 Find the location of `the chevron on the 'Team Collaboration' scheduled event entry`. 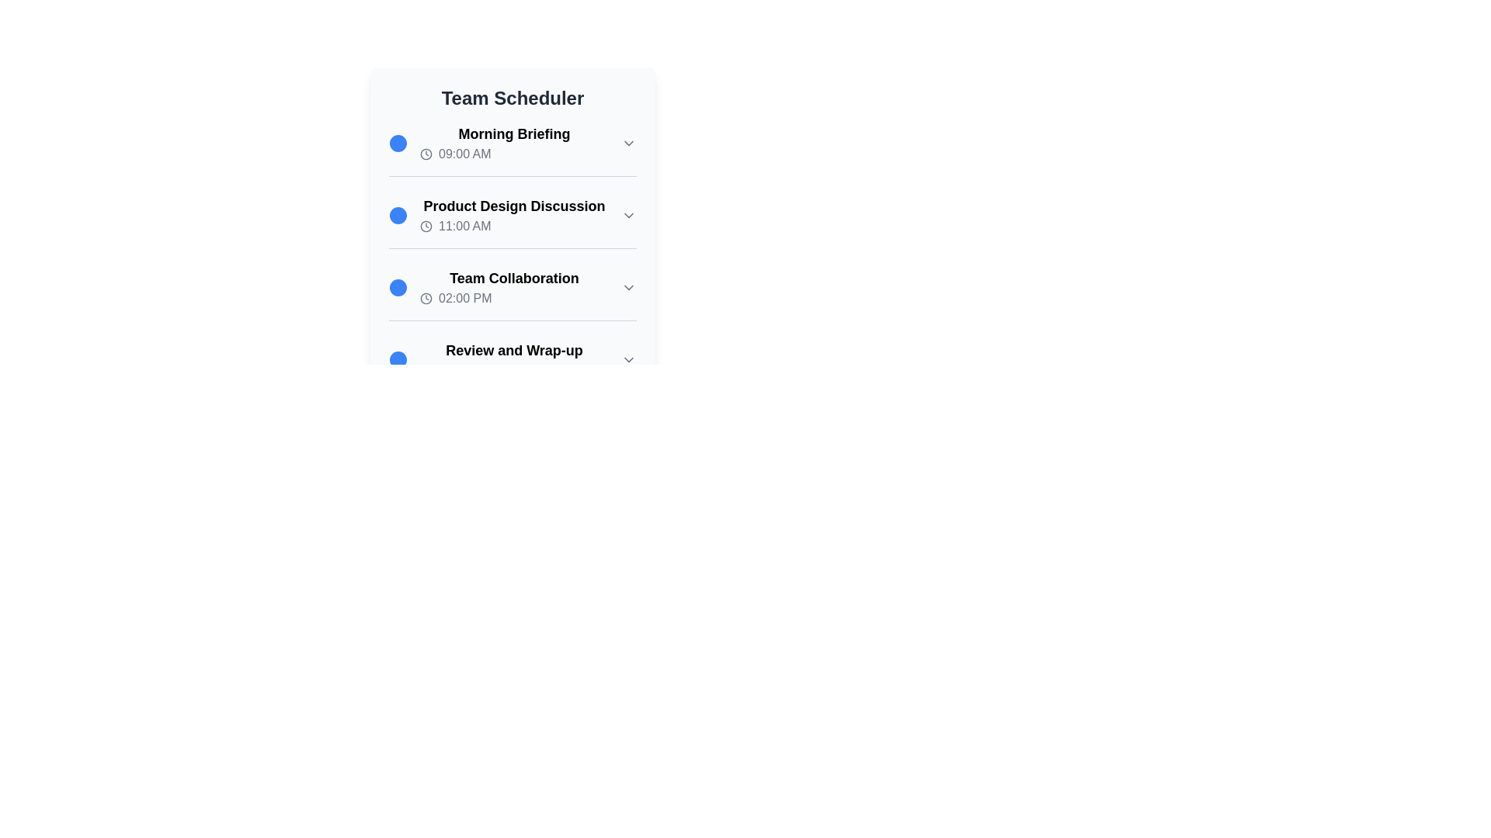

the chevron on the 'Team Collaboration' scheduled event entry is located at coordinates (513, 294).